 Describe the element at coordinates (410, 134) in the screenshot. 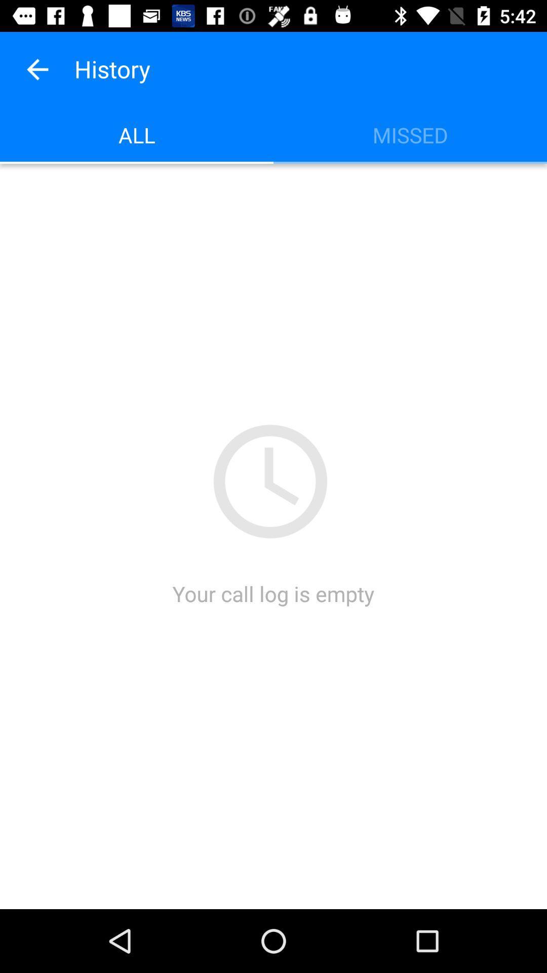

I see `the item next to all icon` at that location.